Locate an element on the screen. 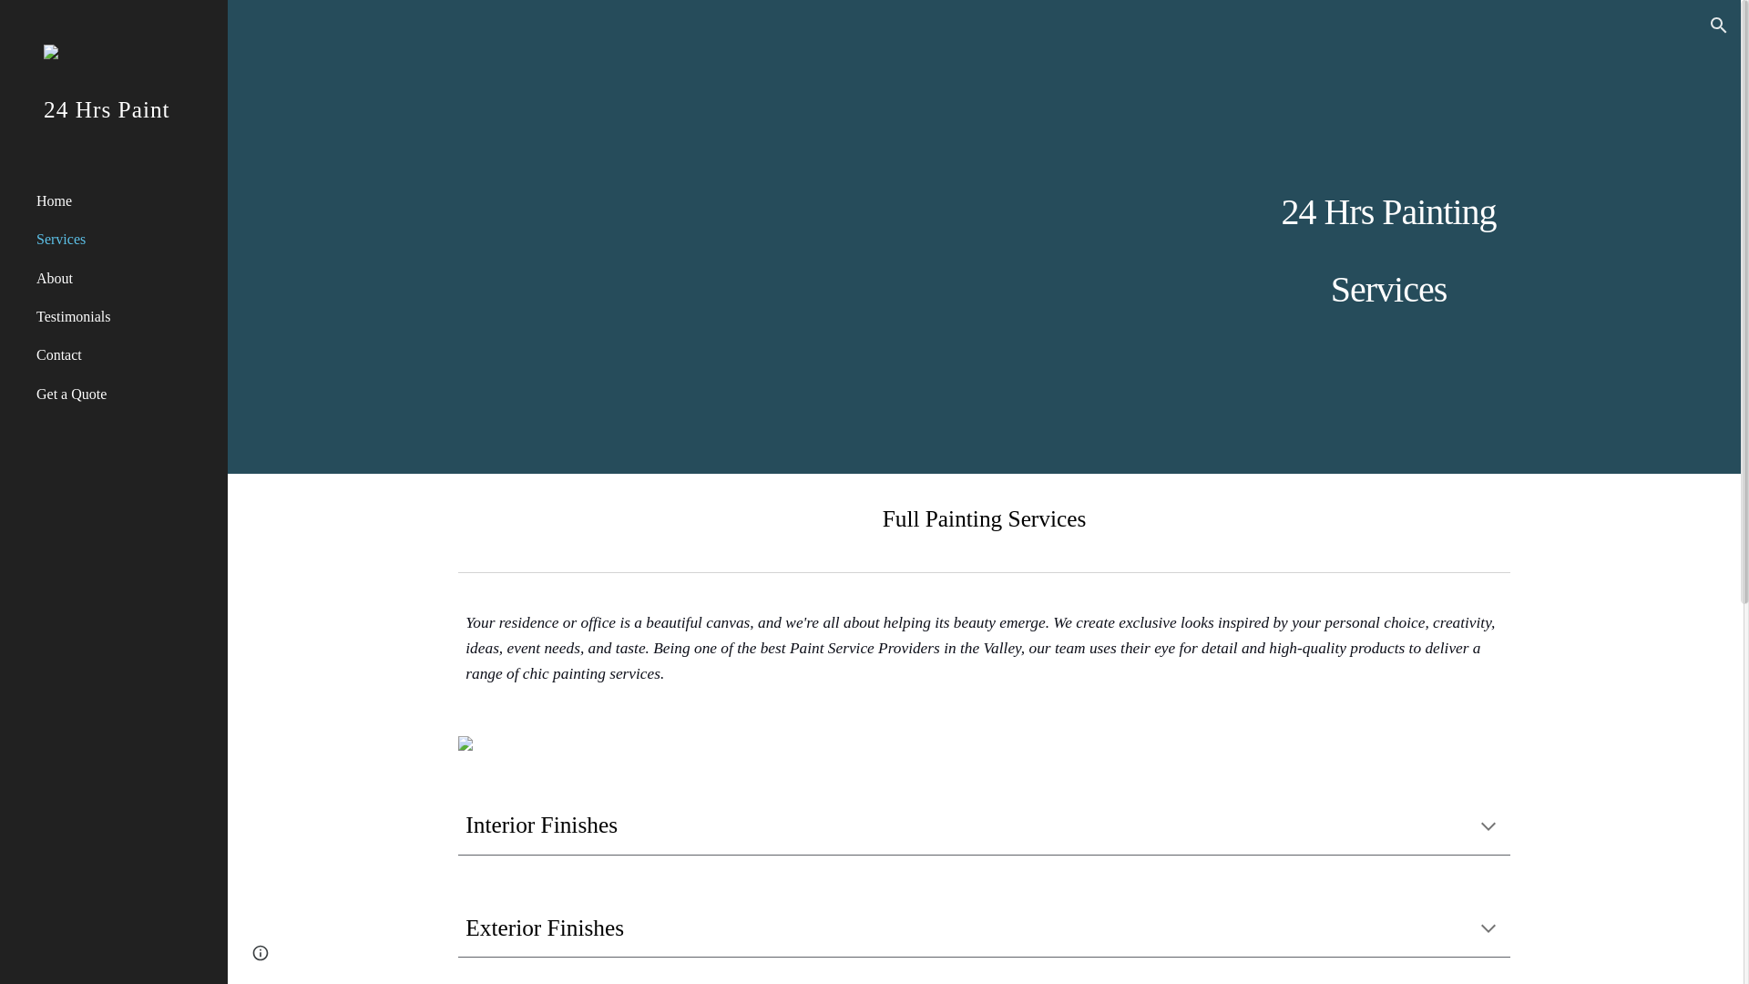  '24 Hrs Paint' is located at coordinates (0, 131).